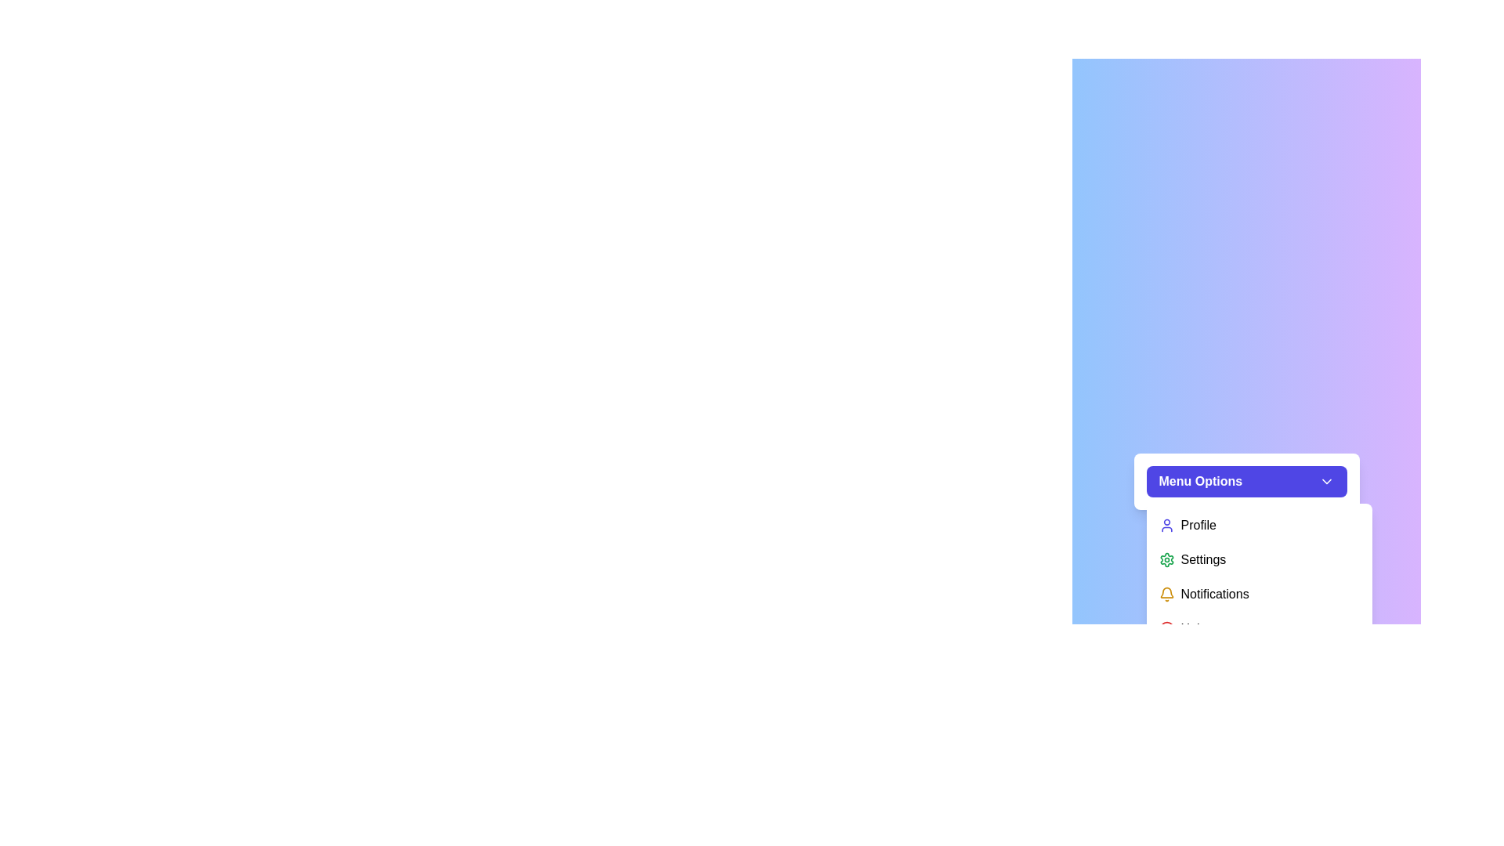  I want to click on the Chevron Down icon located at the upper right section of the 'Menu Options' button, so click(1325, 480).